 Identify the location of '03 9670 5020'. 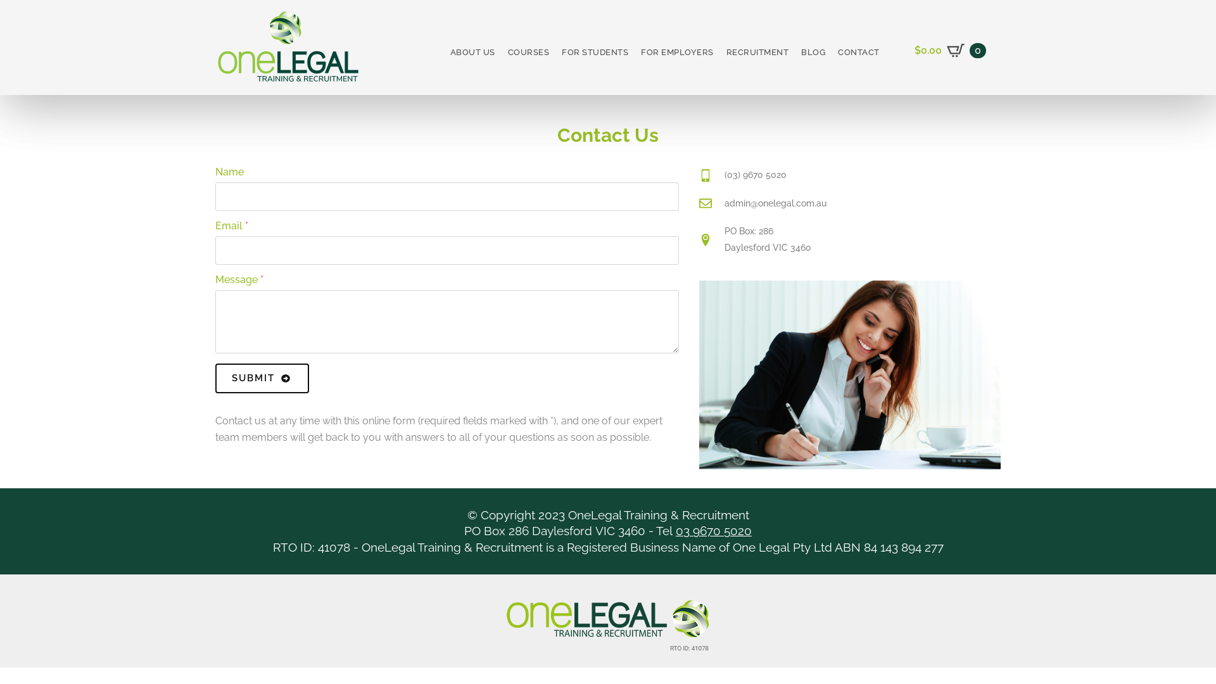
(714, 530).